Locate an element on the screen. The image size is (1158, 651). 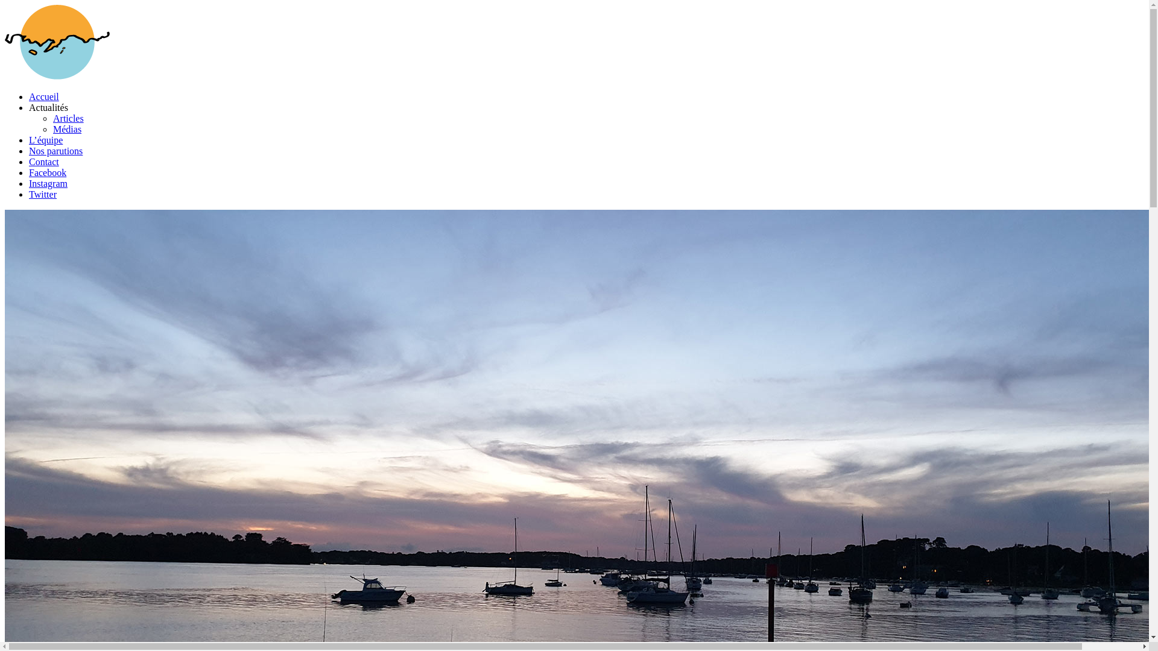
'Instagram' is located at coordinates (48, 183).